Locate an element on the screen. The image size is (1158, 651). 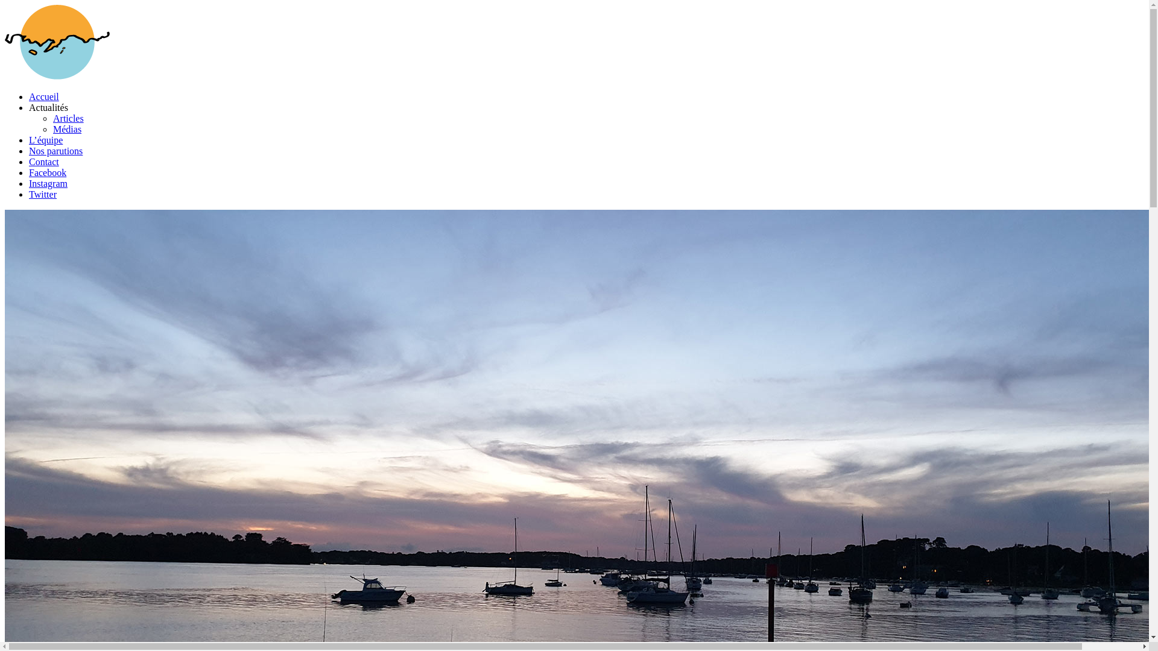
'Instagram' is located at coordinates (48, 183).